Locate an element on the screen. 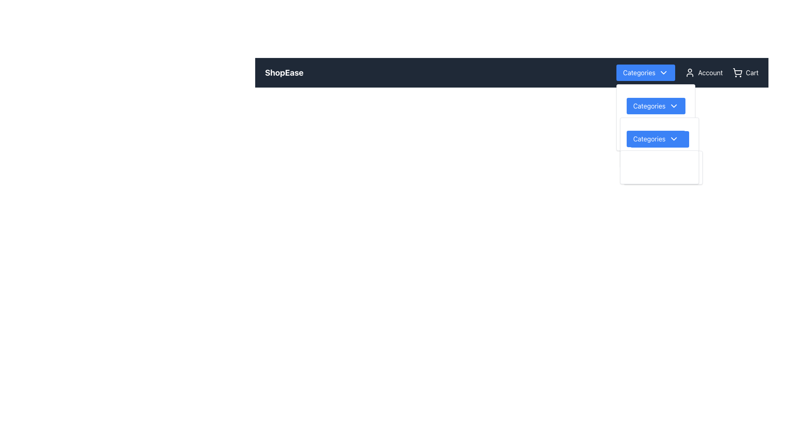 This screenshot has height=444, width=789. the selectable category option button in the dropdown menu beneath the main navigation bar is located at coordinates (649, 139).